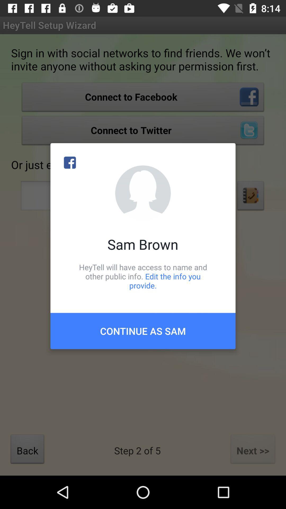  Describe the element at coordinates (143, 276) in the screenshot. I see `heytell will have item` at that location.